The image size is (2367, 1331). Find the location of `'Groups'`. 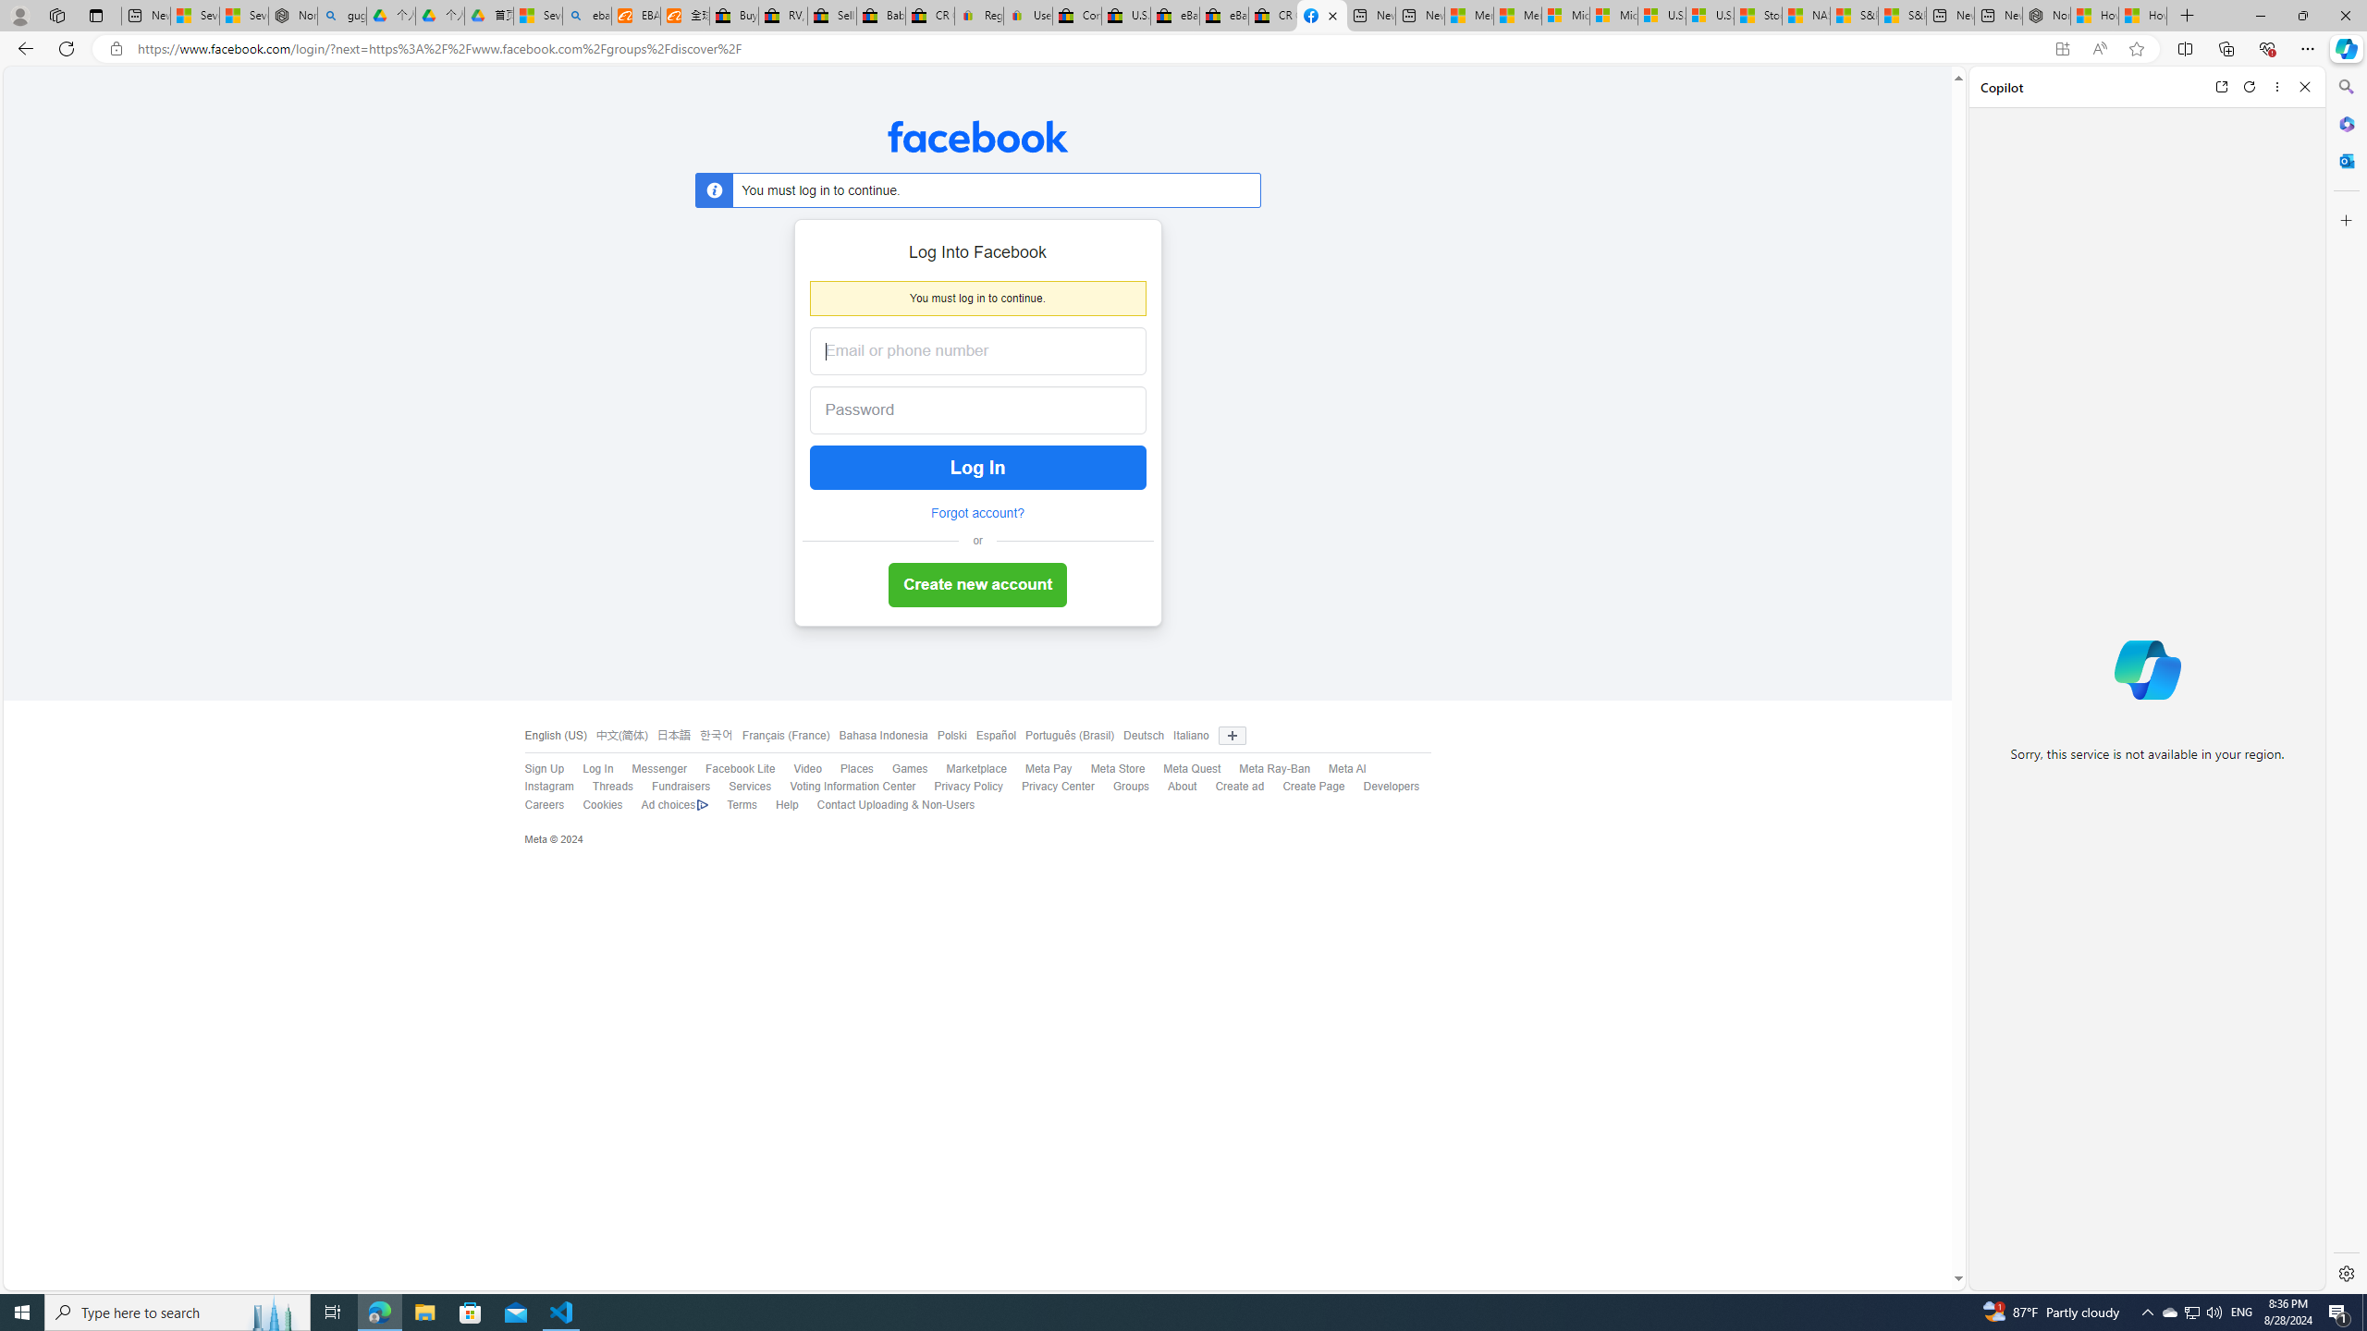

'Groups' is located at coordinates (1121, 787).